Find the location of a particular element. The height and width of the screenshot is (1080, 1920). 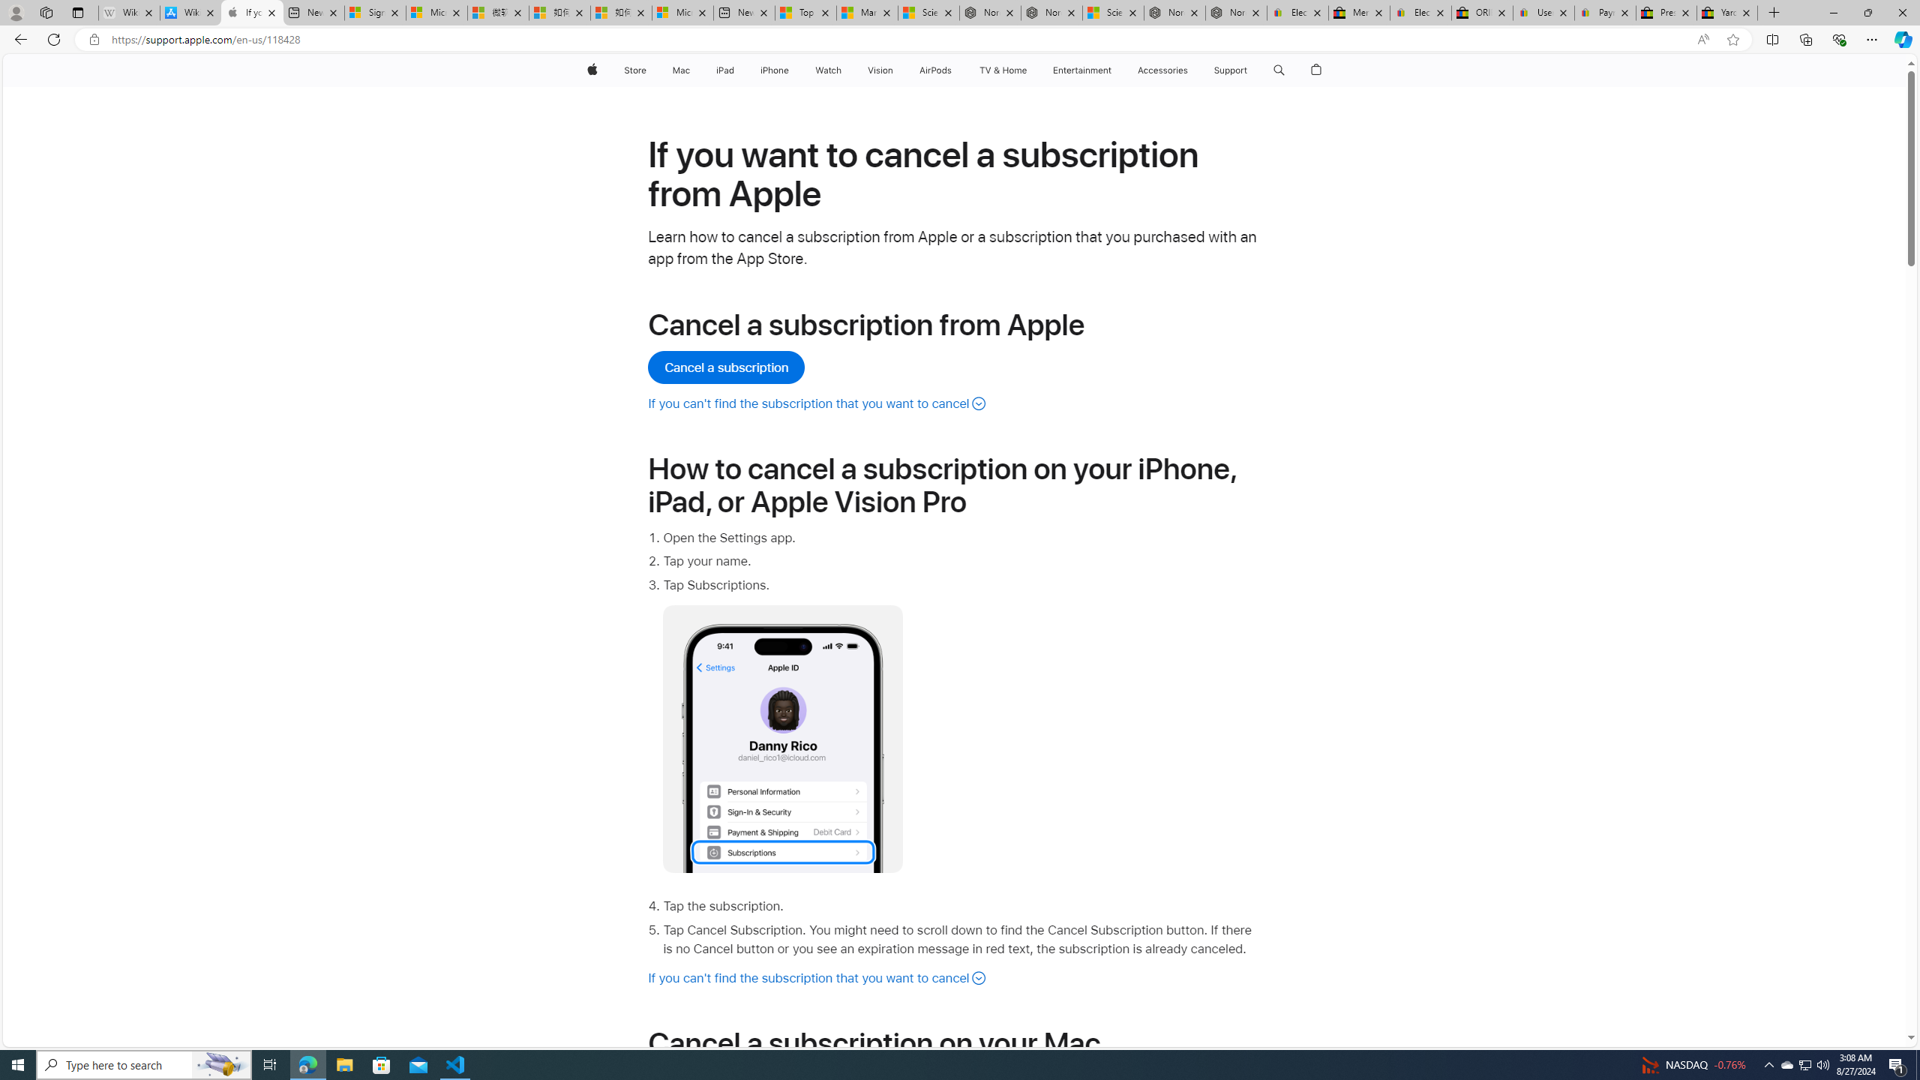

'Support menu' is located at coordinates (1250, 70).